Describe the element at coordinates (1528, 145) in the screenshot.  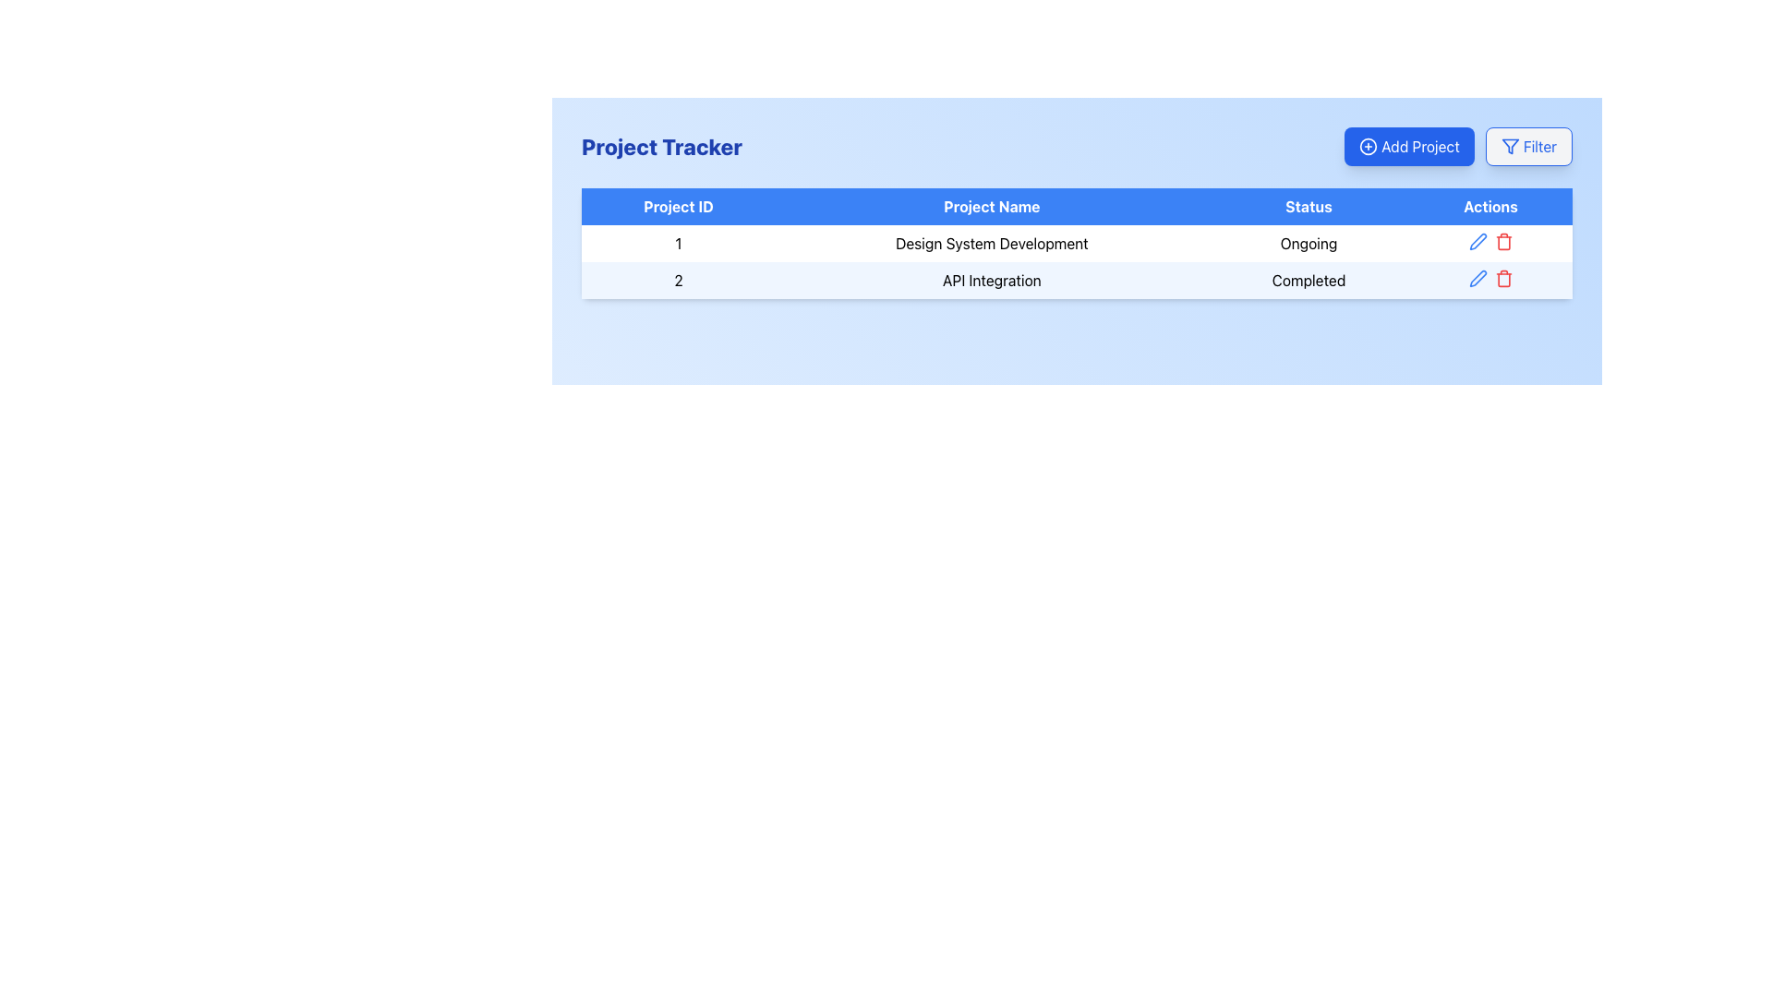
I see `the 'Filter' button located in the top-right corner of the interface` at that location.